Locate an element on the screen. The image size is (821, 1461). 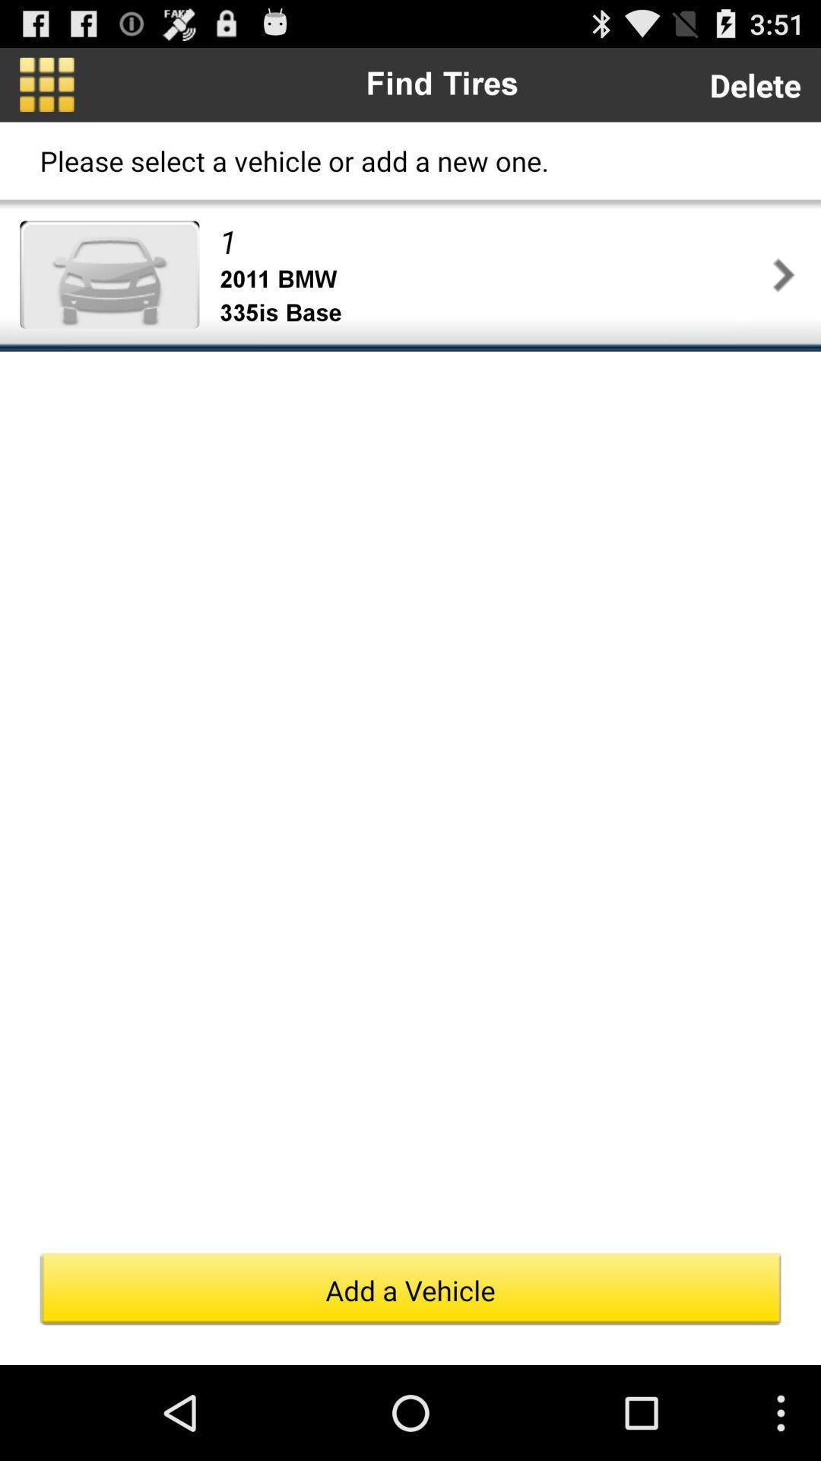
see al the vehicles is located at coordinates (46, 84).